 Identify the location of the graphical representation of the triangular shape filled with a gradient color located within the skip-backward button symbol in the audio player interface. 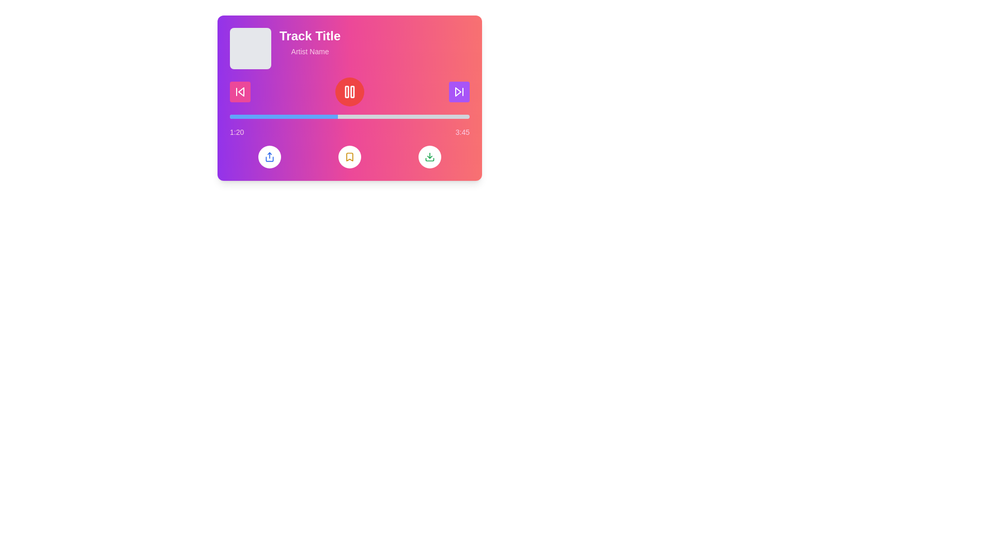
(240, 91).